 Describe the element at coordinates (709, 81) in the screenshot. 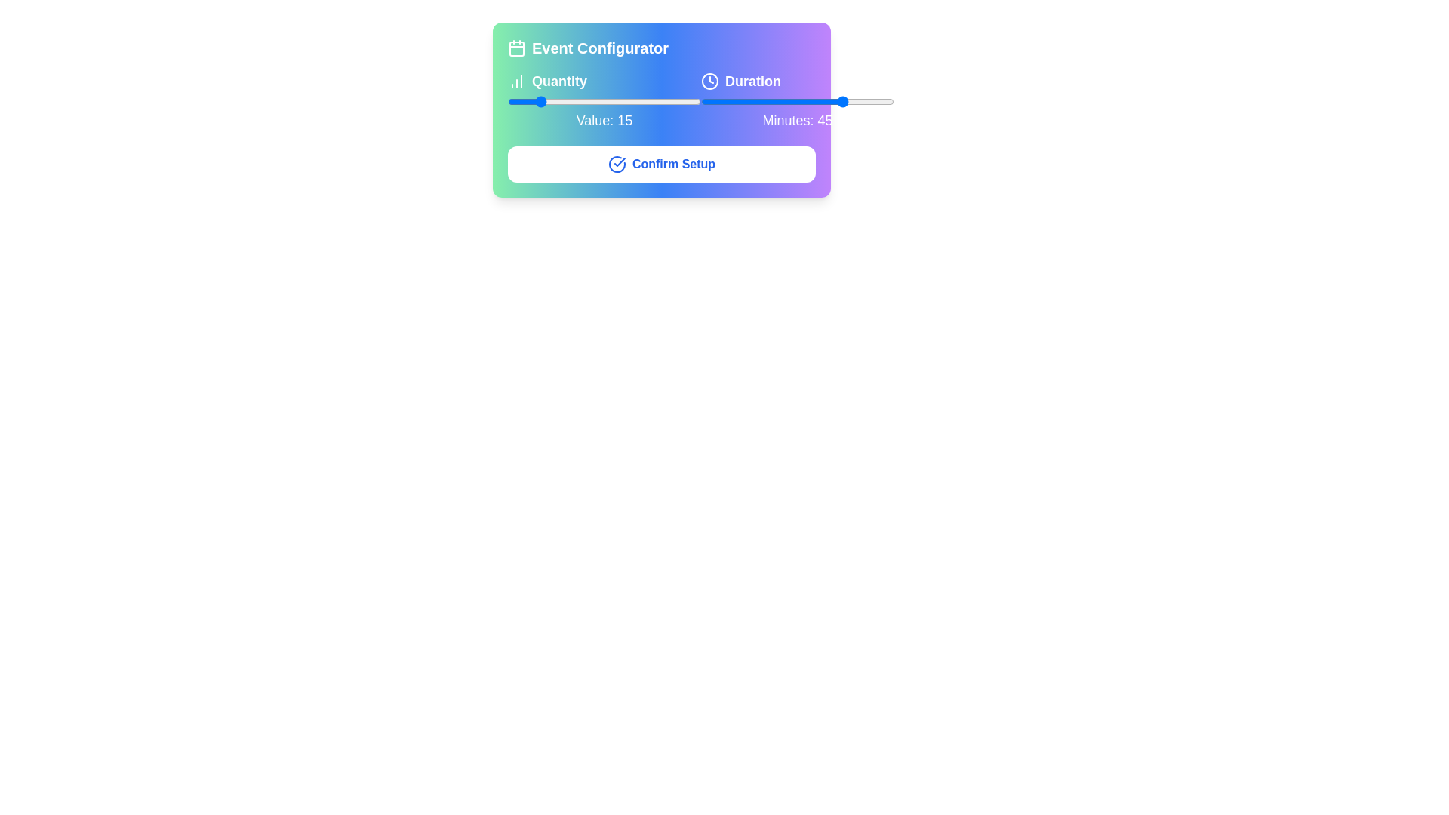

I see `the SVG Circle component that represents the outer boundary of the clock face, located to the right of the 'Duration' label` at that location.